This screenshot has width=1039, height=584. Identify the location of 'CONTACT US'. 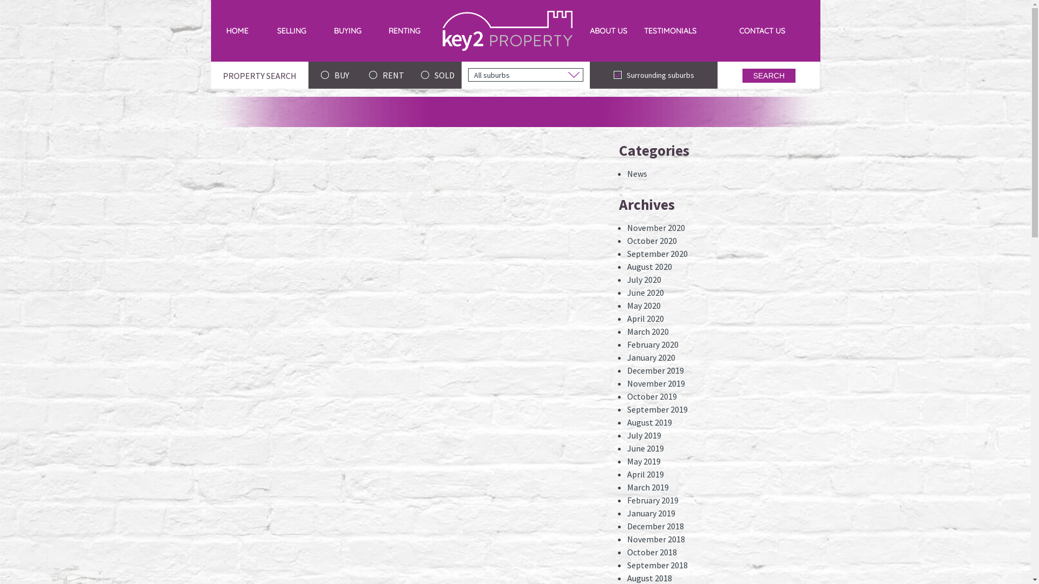
(761, 30).